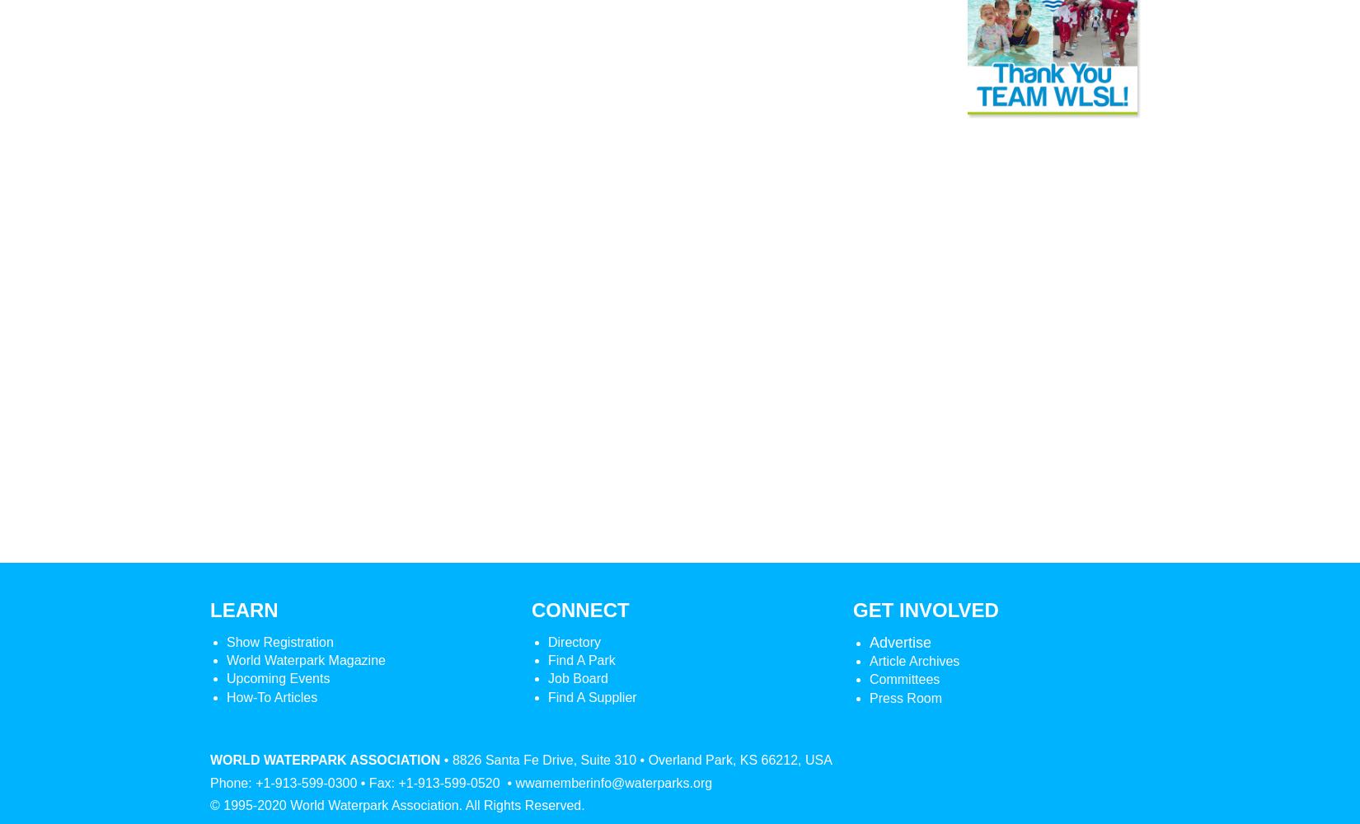  What do you see at coordinates (209, 804) in the screenshot?
I see `'© 1995-2020 World Waterpark Association. All Rights Reserved.'` at bounding box center [209, 804].